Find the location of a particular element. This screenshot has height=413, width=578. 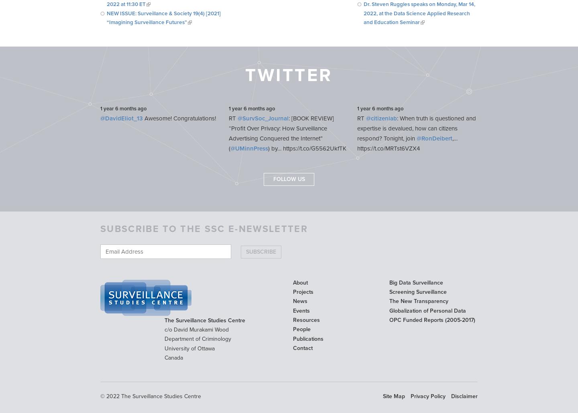

'Events' is located at coordinates (301, 310).